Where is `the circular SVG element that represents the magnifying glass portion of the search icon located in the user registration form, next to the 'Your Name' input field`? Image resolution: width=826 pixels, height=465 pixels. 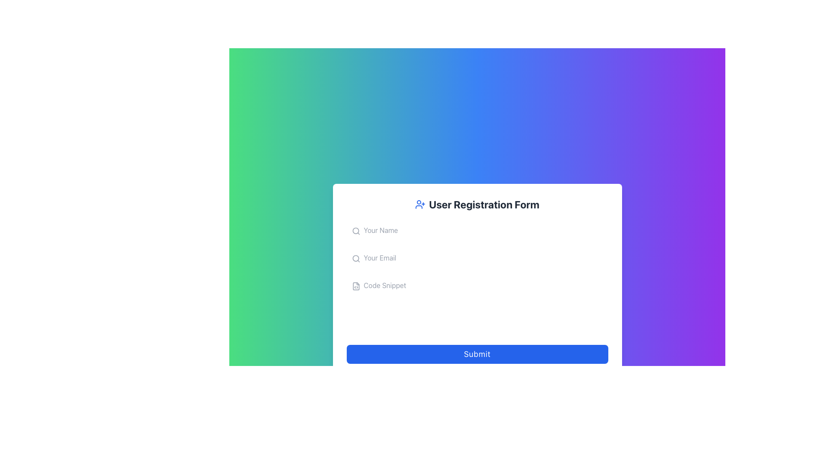 the circular SVG element that represents the magnifying glass portion of the search icon located in the user registration form, next to the 'Your Name' input field is located at coordinates (355, 230).